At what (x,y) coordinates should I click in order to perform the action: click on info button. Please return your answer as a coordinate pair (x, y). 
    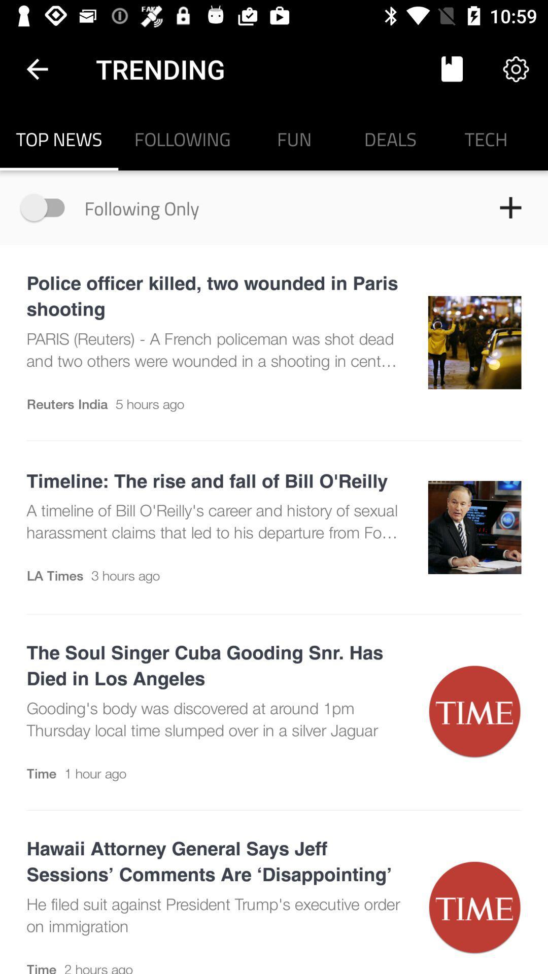
    Looking at the image, I should click on (47, 207).